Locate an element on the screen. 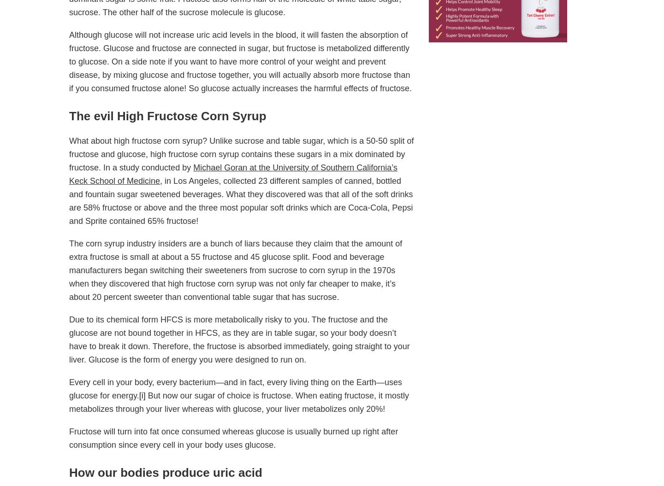 Image resolution: width=664 pixels, height=486 pixels. 'Although glucose will not increase uric acid levels in the blood, it will fasten the absorption of fructose. Glucose and fructose are connected in sugar, but fructose is metabolized differently to glucose. On a side note if you want to have more control of your weight and prevent disease, by mixing glucose and fructose together, you will actually absorb more fructose than if you consumed fructose alone! So glucose actually increases the harmful effects of fructose.' is located at coordinates (240, 61).